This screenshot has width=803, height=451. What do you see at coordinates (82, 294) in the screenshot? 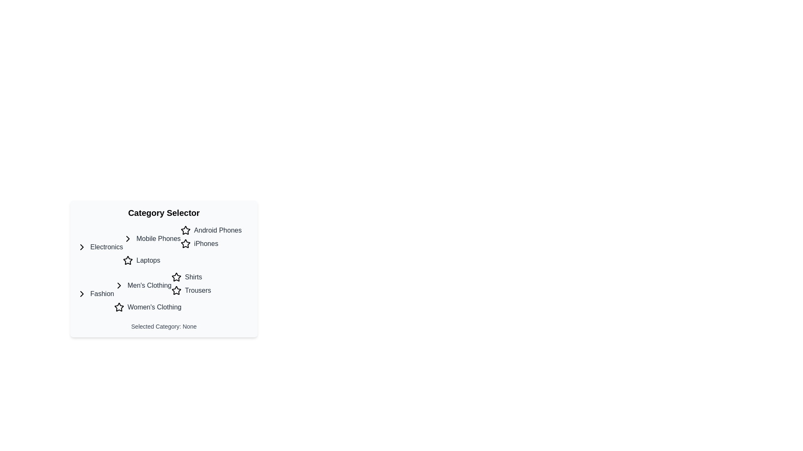
I see `the chevron icon that collapses or expands the list of subcategories under the 'Fashion' category, located slightly to the left of the 'Fashion' text label` at bounding box center [82, 294].